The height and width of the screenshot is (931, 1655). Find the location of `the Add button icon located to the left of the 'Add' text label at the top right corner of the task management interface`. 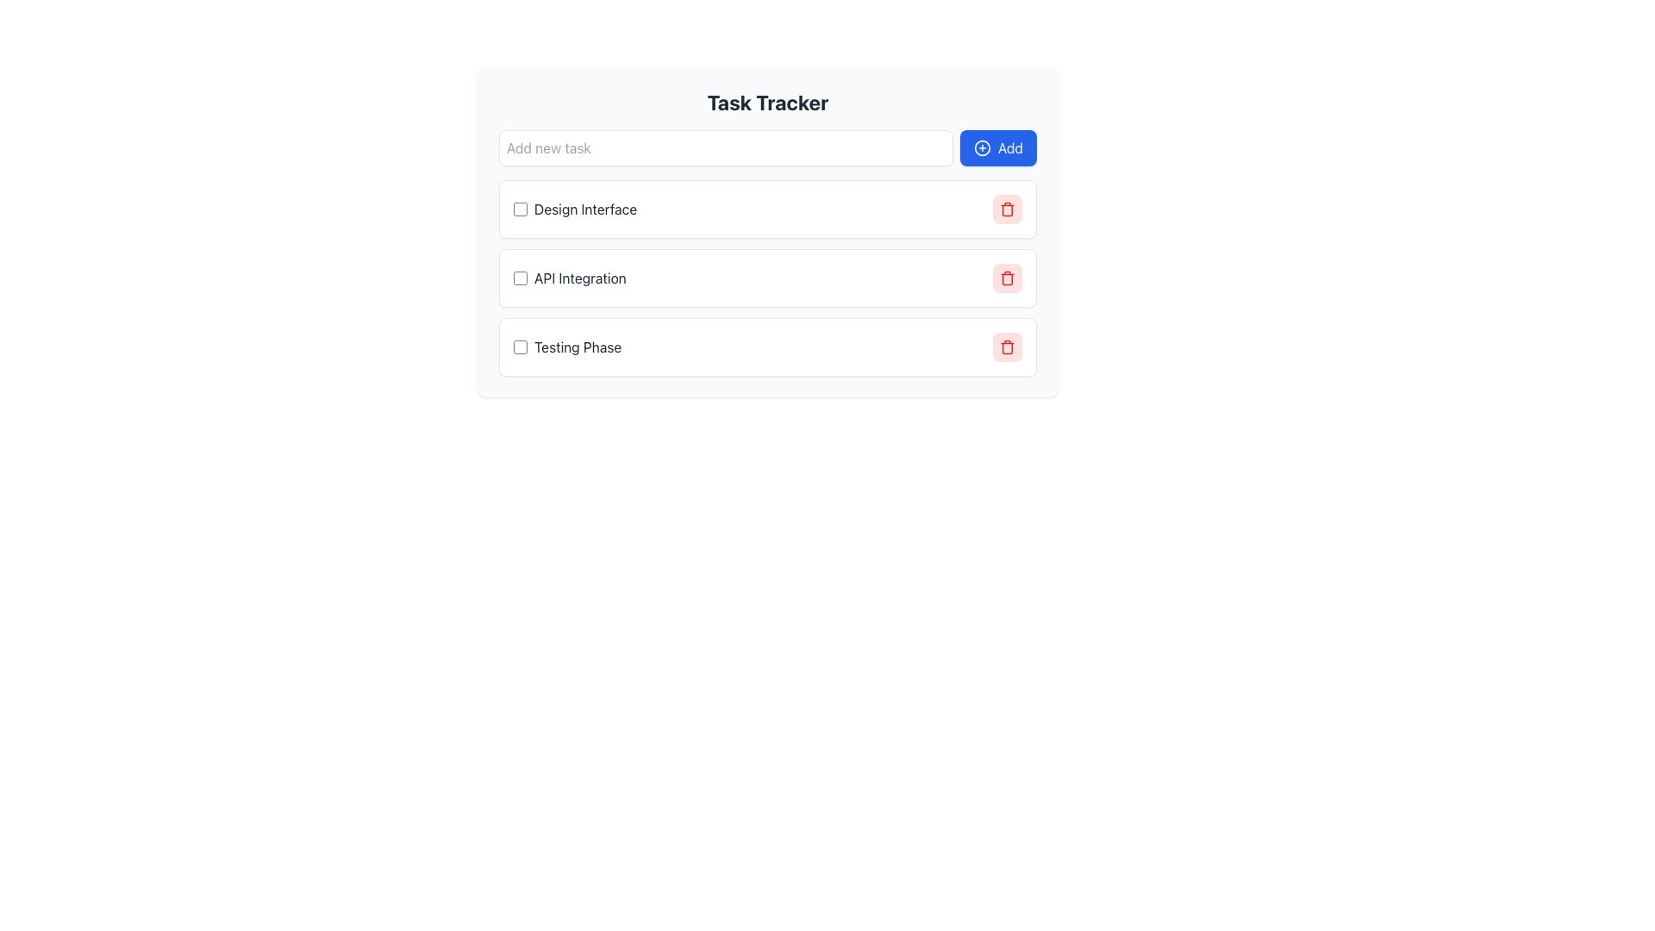

the Add button icon located to the left of the 'Add' text label at the top right corner of the task management interface is located at coordinates (982, 147).